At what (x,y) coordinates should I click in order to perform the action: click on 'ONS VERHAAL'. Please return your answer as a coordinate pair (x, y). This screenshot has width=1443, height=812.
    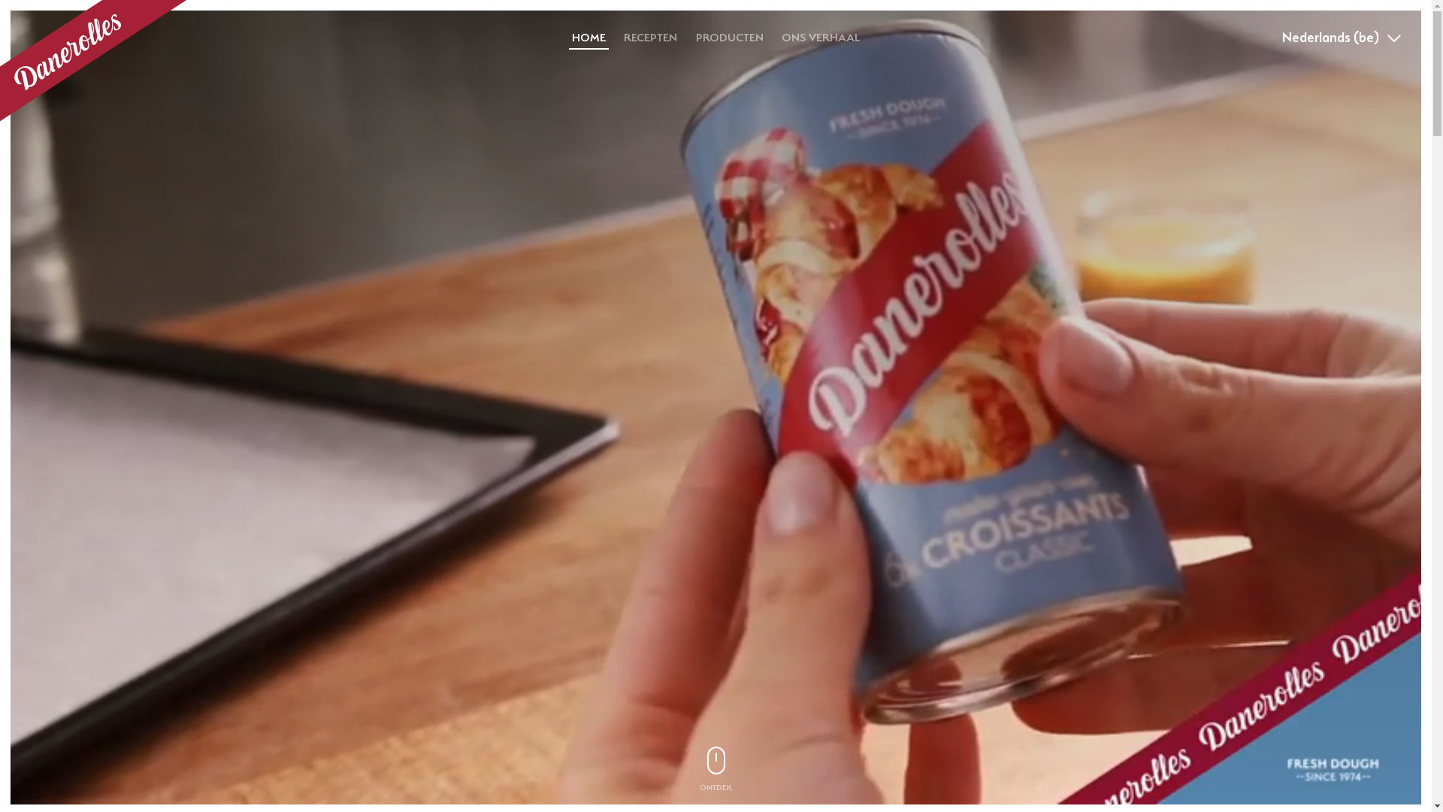
    Looking at the image, I should click on (820, 37).